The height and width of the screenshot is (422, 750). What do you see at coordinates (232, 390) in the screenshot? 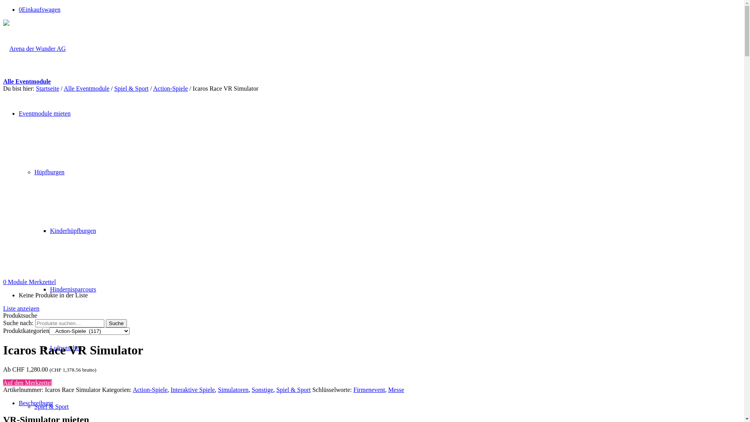
I see `'Simulatoren'` at bounding box center [232, 390].